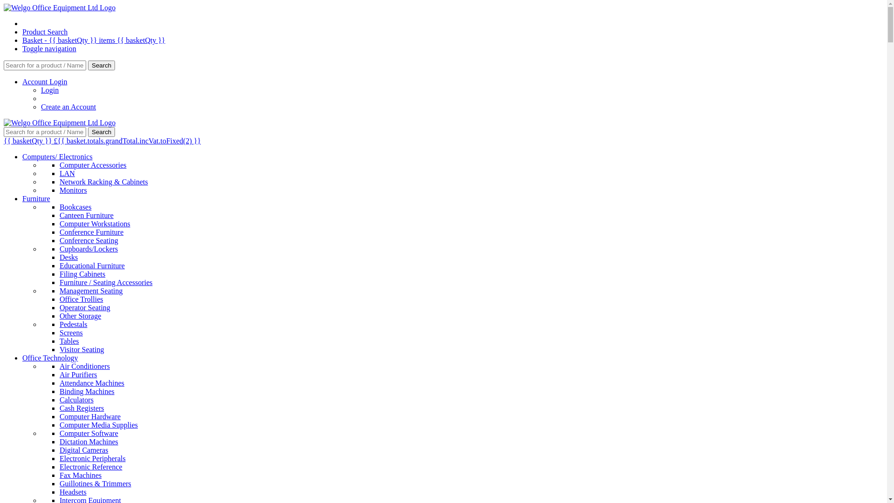  What do you see at coordinates (95, 483) in the screenshot?
I see `'Guillotines & Trimmers'` at bounding box center [95, 483].